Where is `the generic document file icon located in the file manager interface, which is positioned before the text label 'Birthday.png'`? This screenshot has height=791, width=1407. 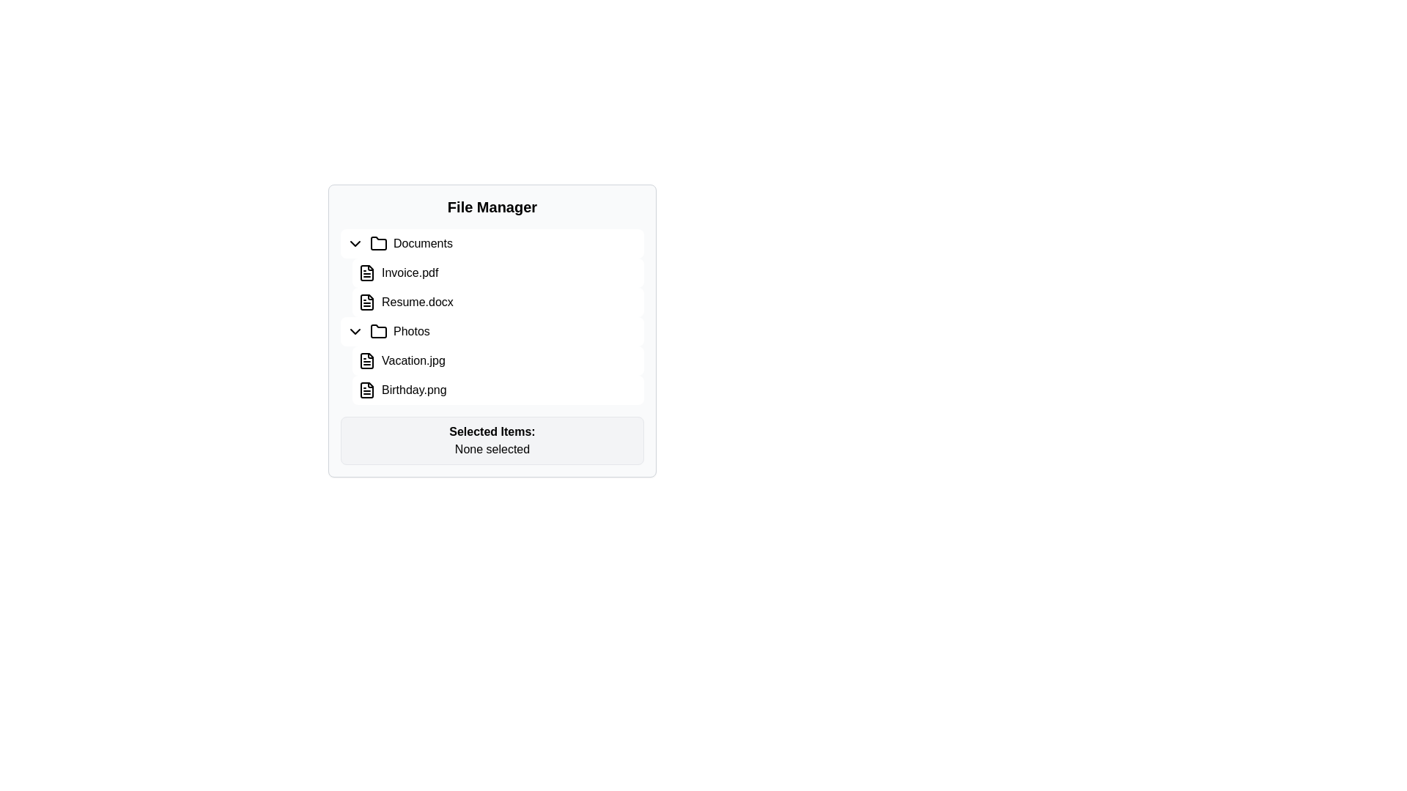 the generic document file icon located in the file manager interface, which is positioned before the text label 'Birthday.png' is located at coordinates (366, 389).